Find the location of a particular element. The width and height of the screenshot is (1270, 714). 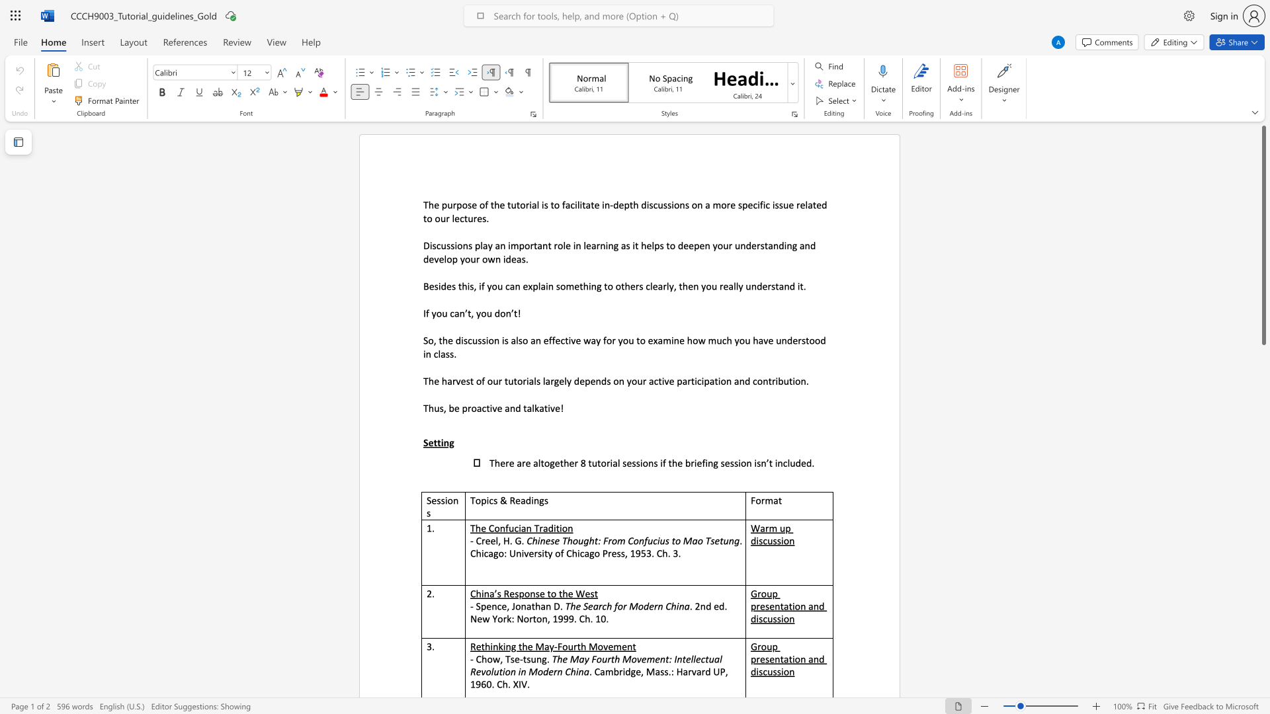

the scrollbar to adjust the page downward is located at coordinates (1263, 522).